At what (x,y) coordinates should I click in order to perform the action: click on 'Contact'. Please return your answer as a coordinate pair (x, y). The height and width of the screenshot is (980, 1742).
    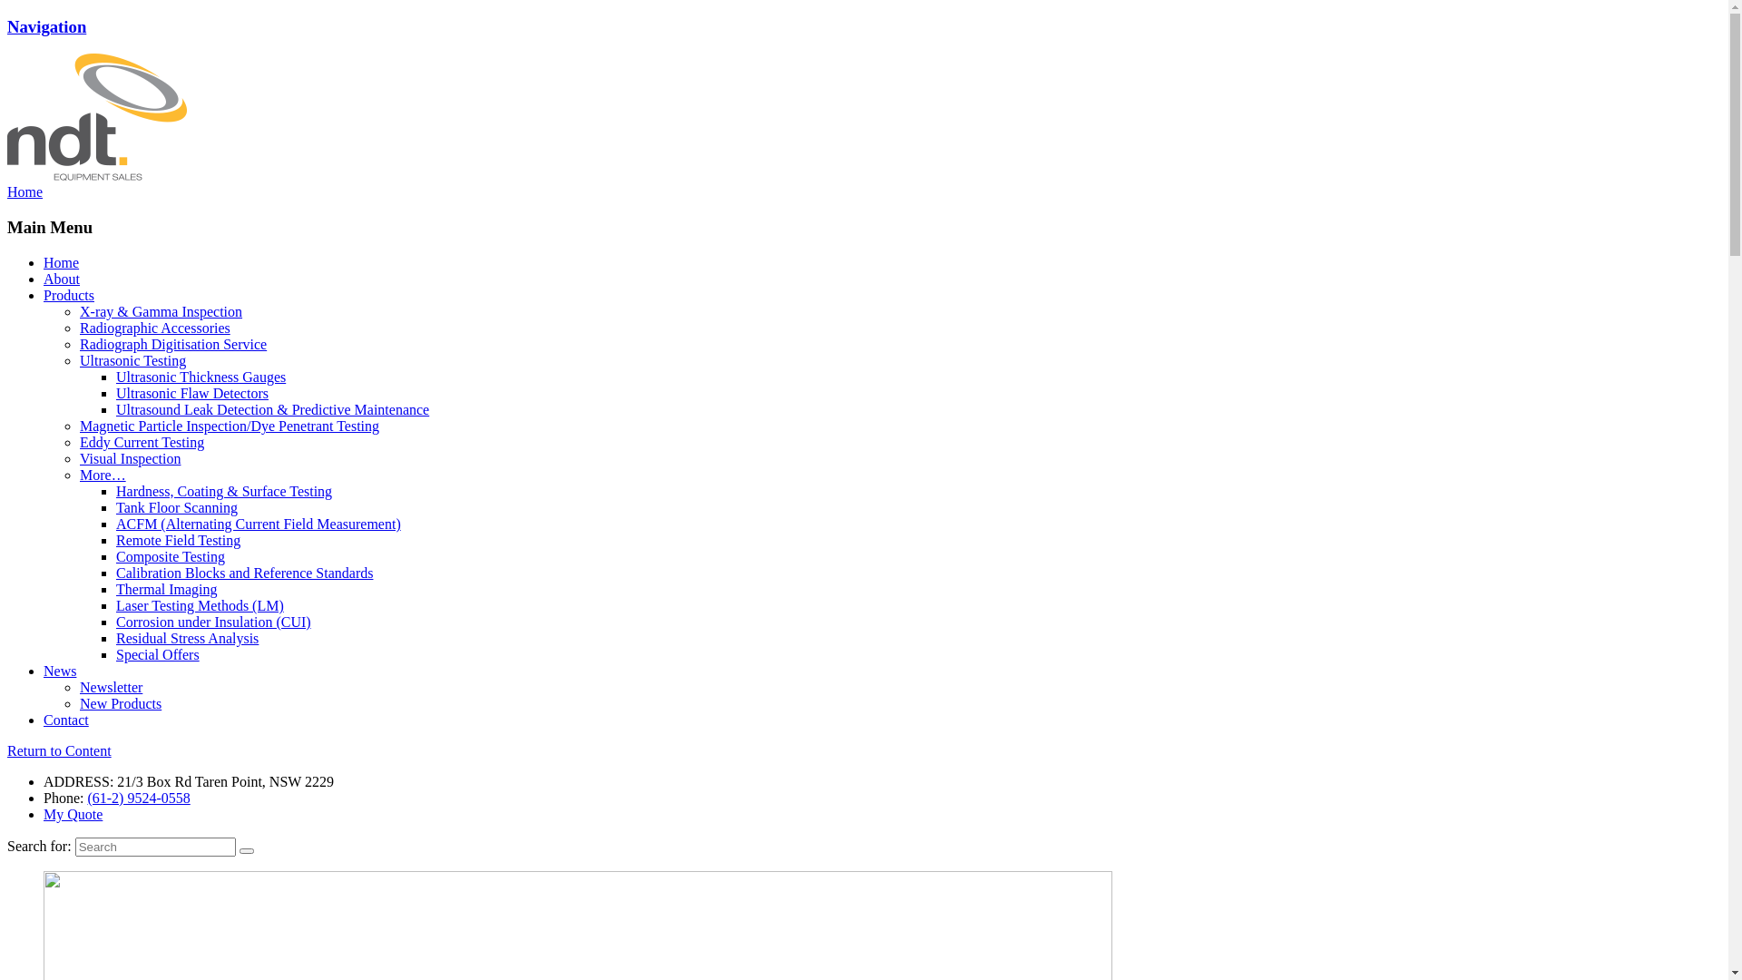
    Looking at the image, I should click on (65, 719).